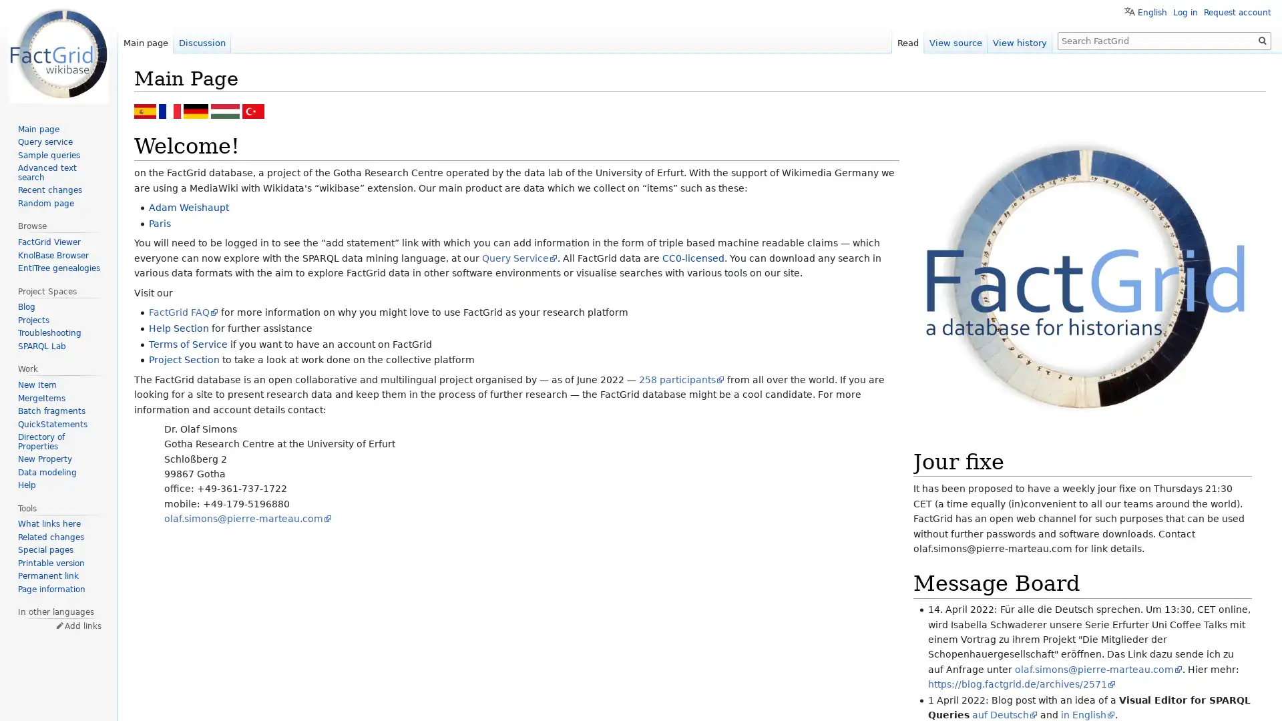 The image size is (1282, 721). What do you see at coordinates (1262, 40) in the screenshot?
I see `Go` at bounding box center [1262, 40].